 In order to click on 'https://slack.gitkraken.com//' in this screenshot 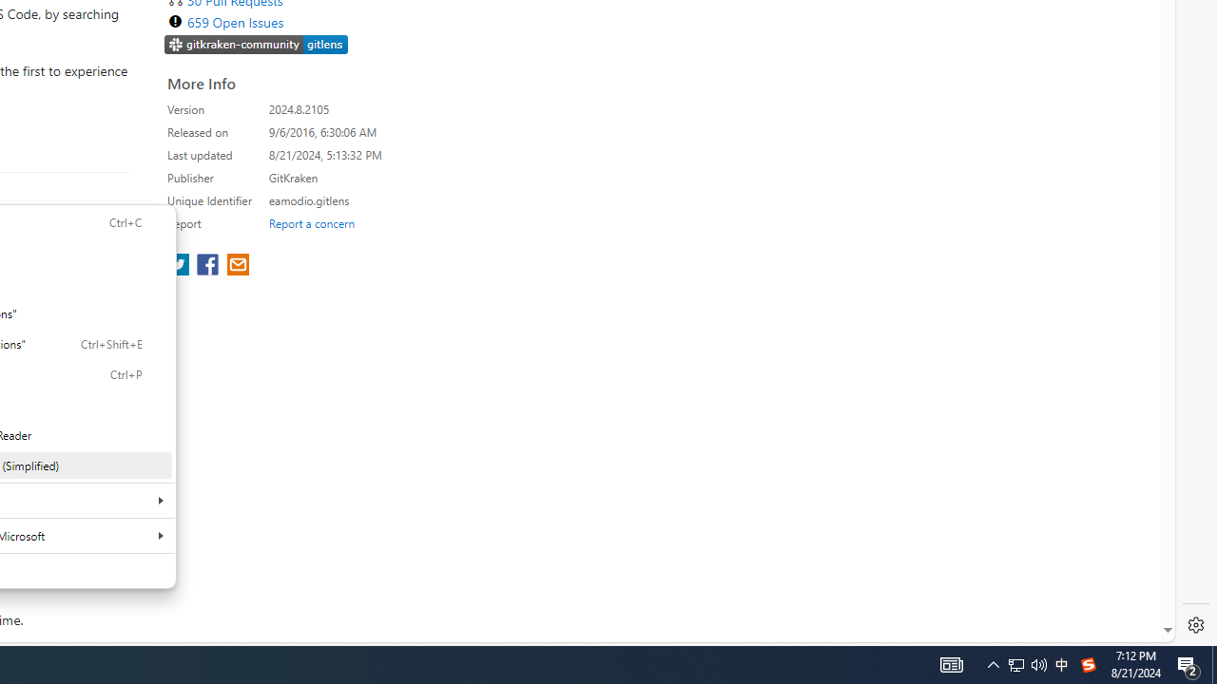, I will do `click(256, 45)`.